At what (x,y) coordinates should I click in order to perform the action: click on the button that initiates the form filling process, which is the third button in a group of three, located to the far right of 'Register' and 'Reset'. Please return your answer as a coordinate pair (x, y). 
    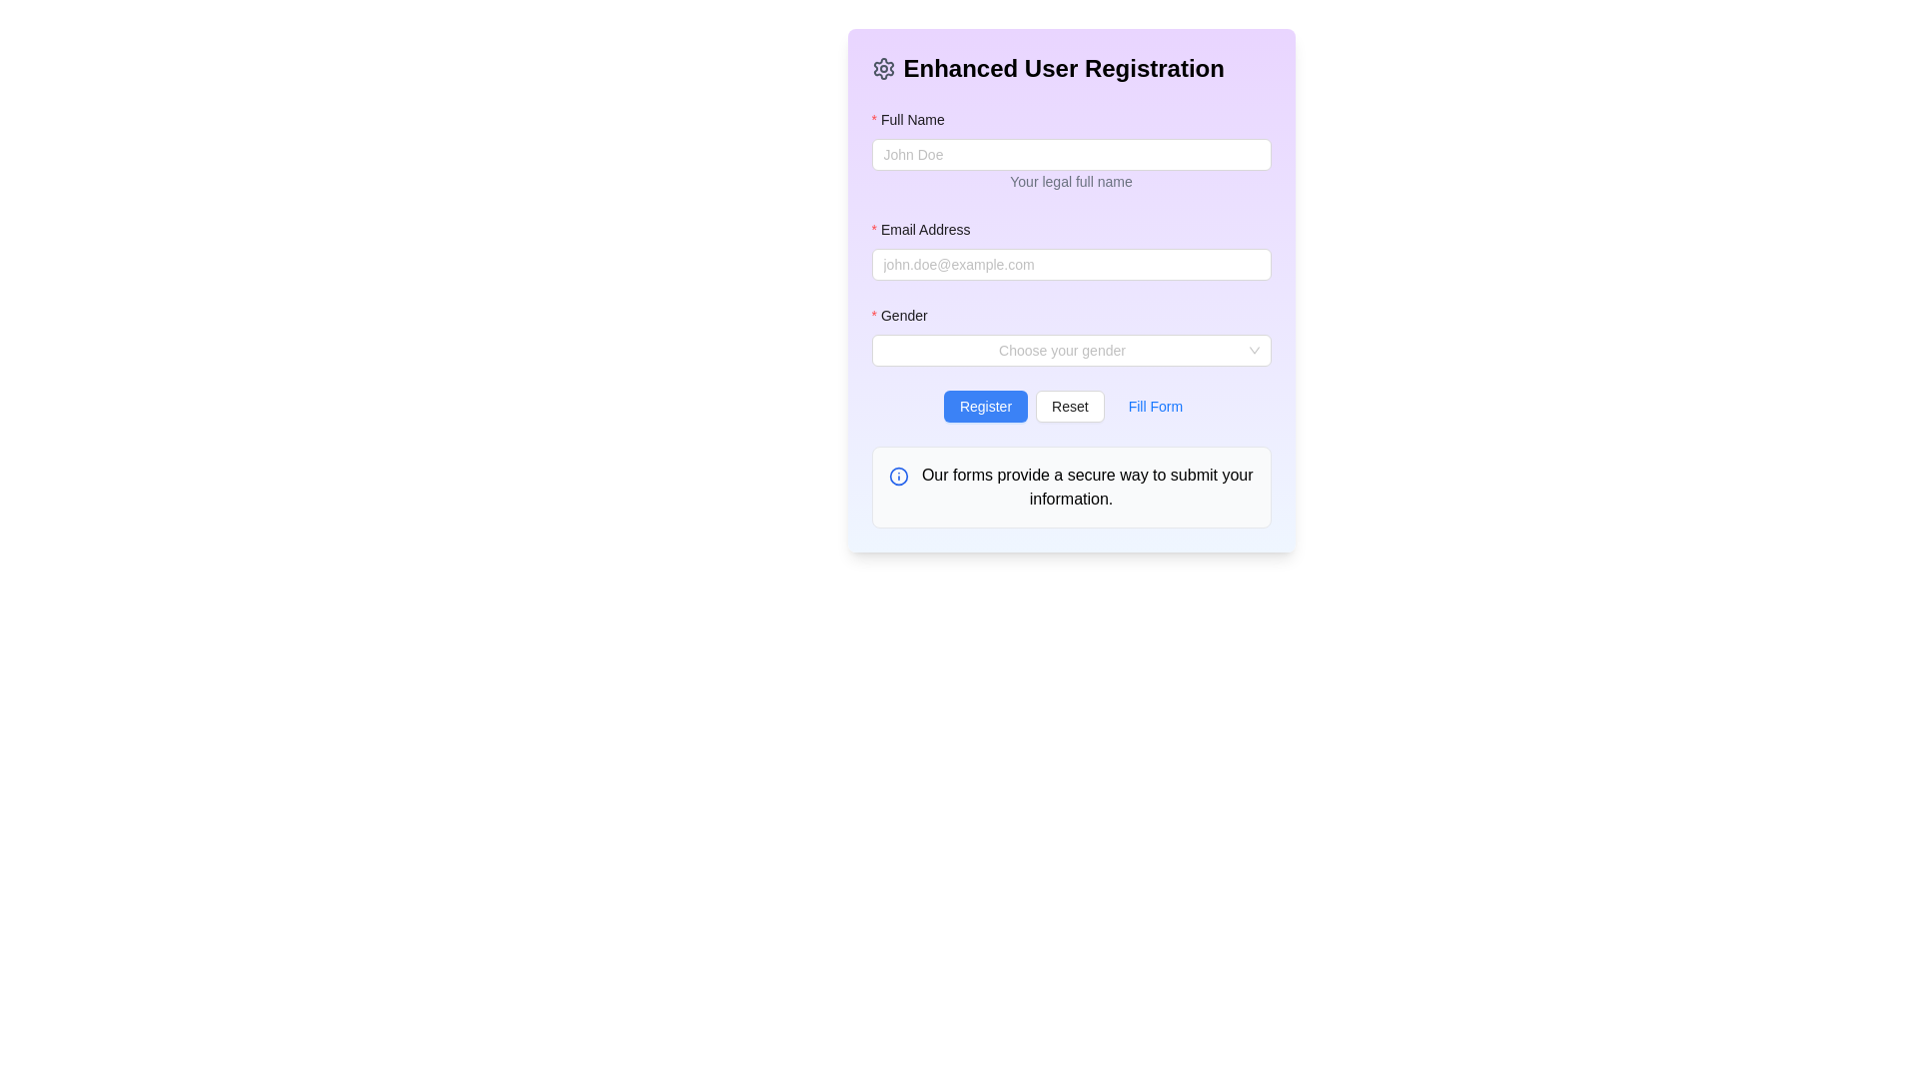
    Looking at the image, I should click on (1155, 406).